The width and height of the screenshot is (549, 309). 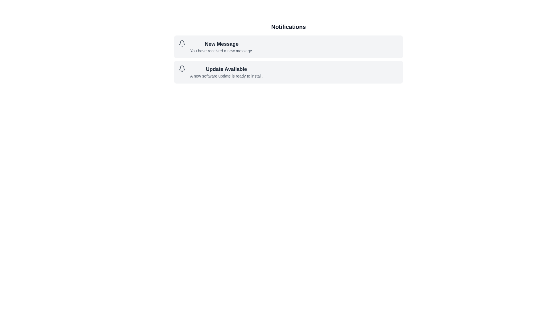 I want to click on the bell icon located at the left side of the 'Update Available' notification, so click(x=182, y=68).